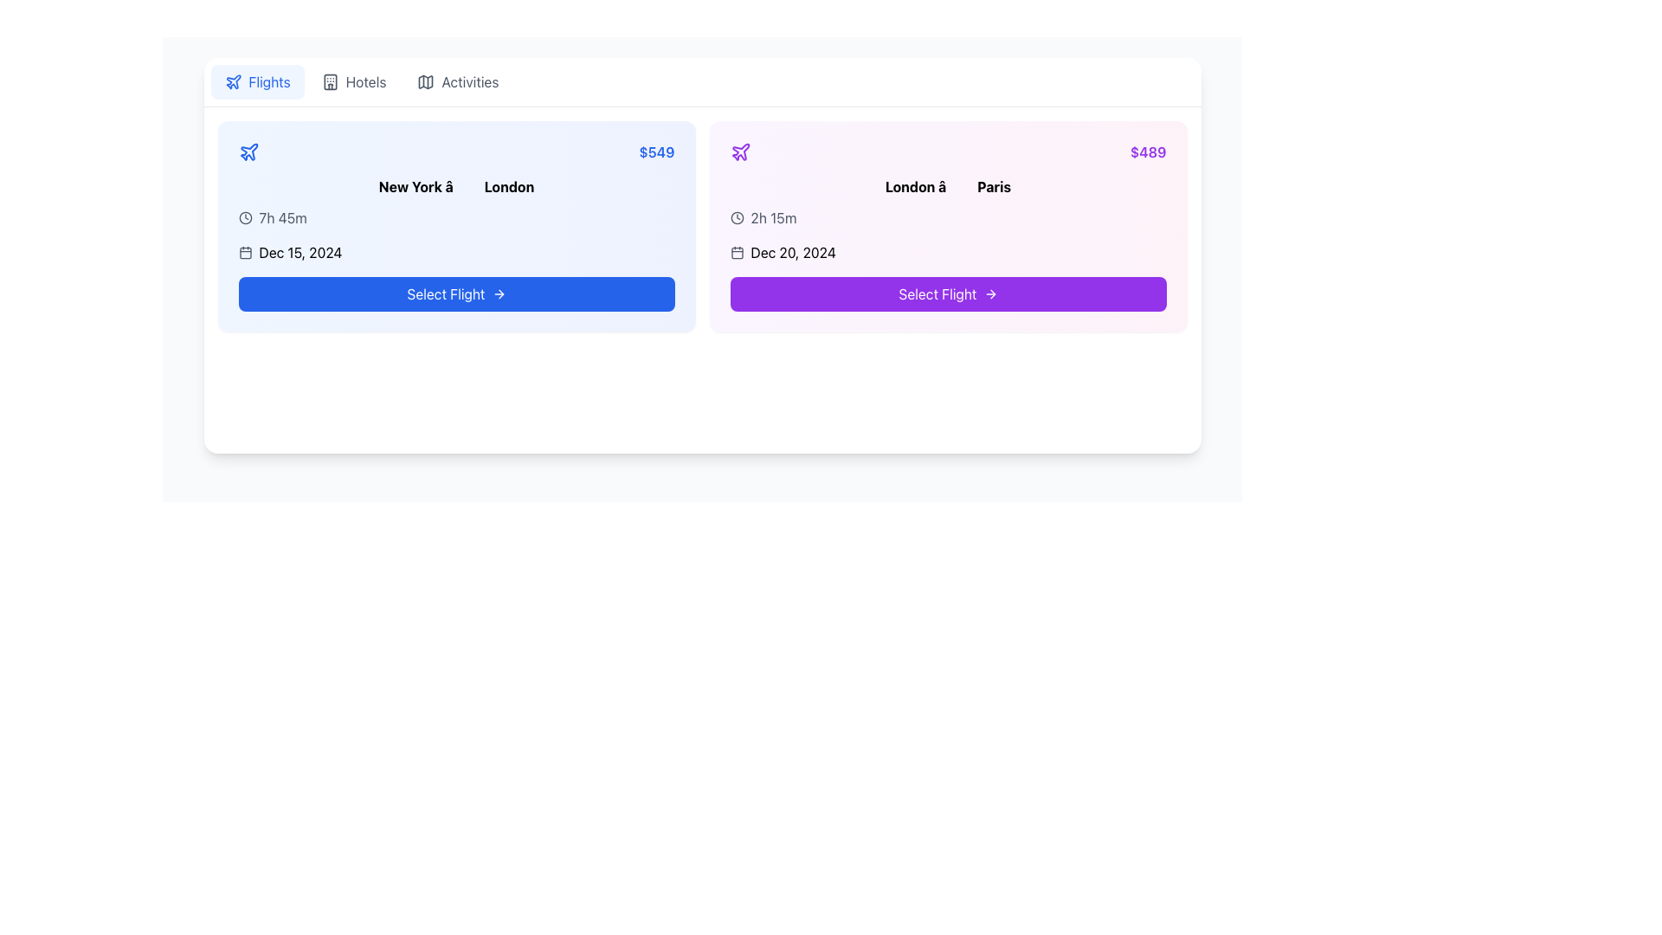  Describe the element at coordinates (737, 216) in the screenshot. I see `the time duration icon located in the second card on the right side of the user interface, positioned directly to the left of the text '2h 15m'` at that location.